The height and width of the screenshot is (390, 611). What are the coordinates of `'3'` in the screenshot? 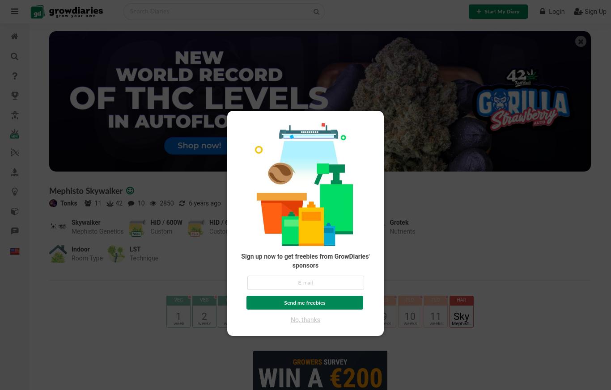 It's located at (230, 316).